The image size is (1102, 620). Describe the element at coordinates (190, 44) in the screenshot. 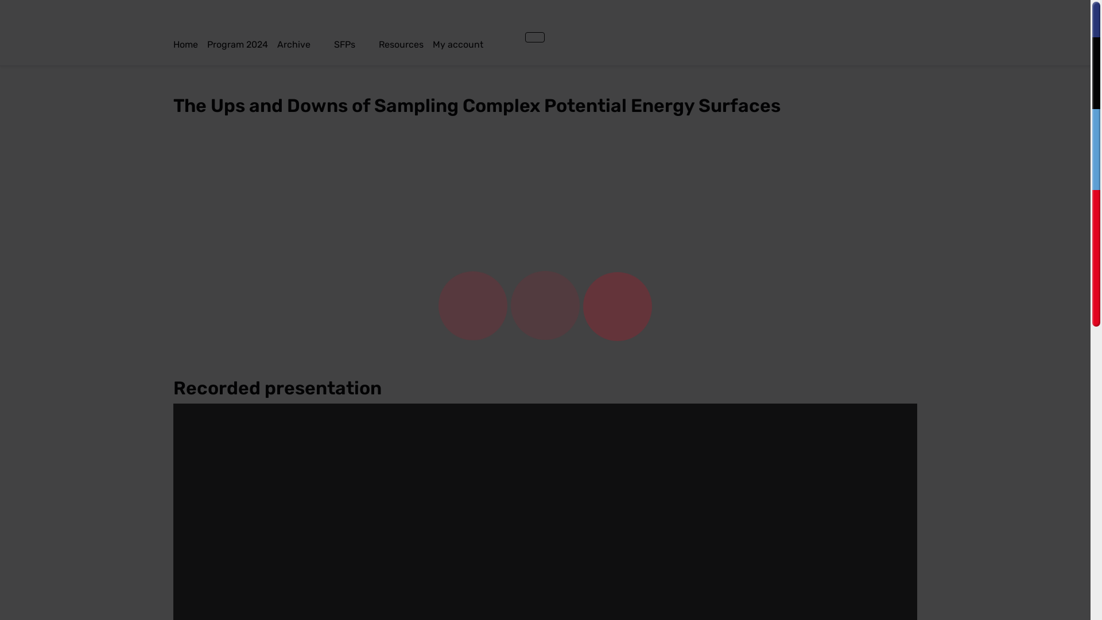

I see `'Home'` at that location.